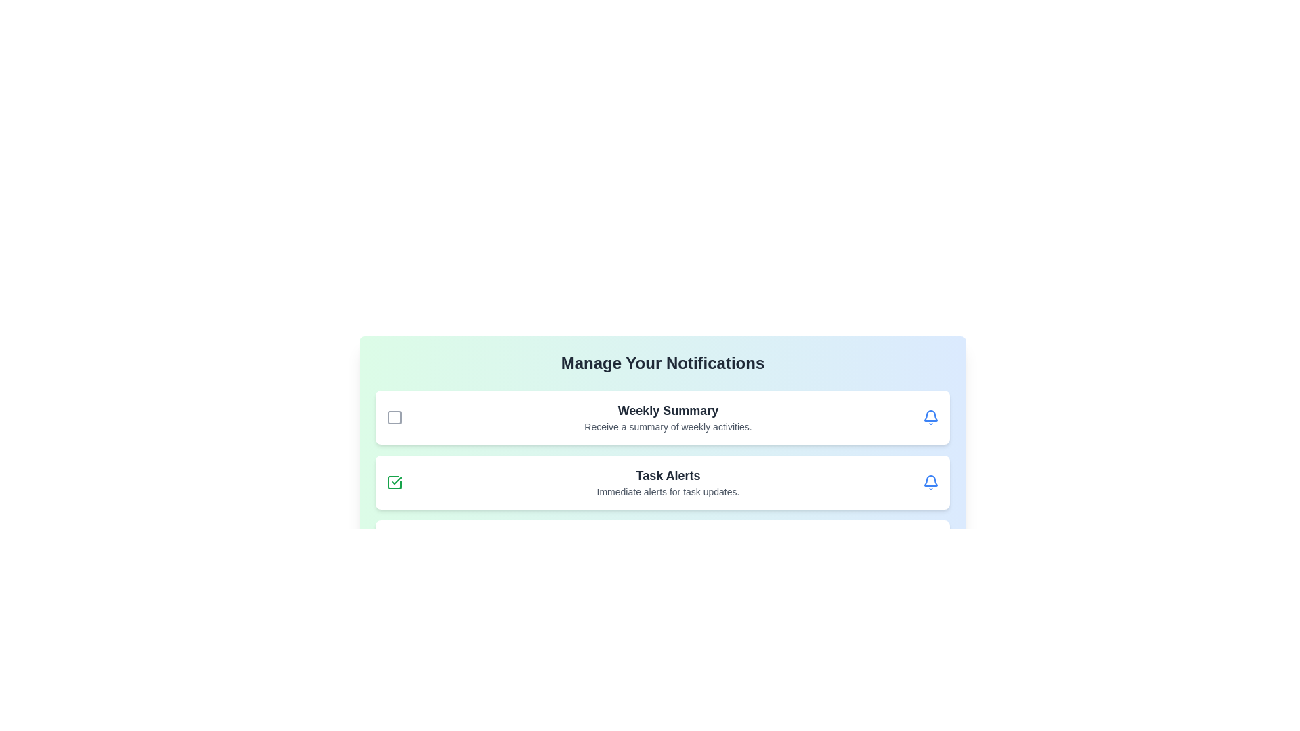 This screenshot has width=1300, height=731. What do you see at coordinates (668, 474) in the screenshot?
I see `the 'Task Alerts' label, which is a bold and large text header colored in dark gray, located at the center of the notification preferences section` at bounding box center [668, 474].